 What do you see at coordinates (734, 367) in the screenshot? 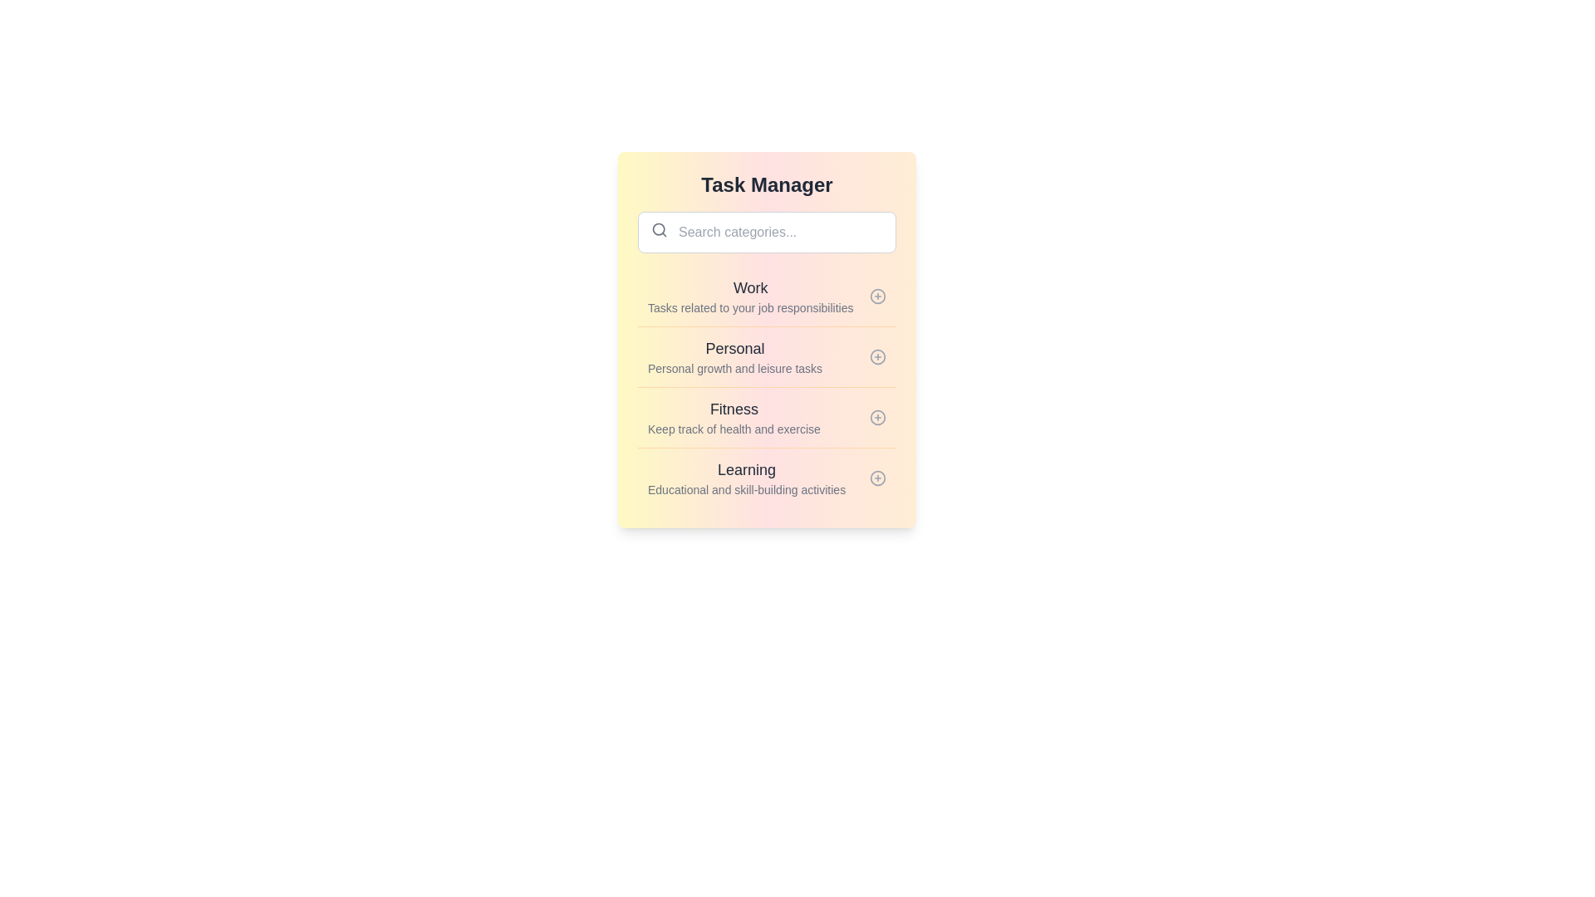
I see `the static informational text located directly below the 'Personal' category, which enhances user understanding of that category` at bounding box center [734, 367].